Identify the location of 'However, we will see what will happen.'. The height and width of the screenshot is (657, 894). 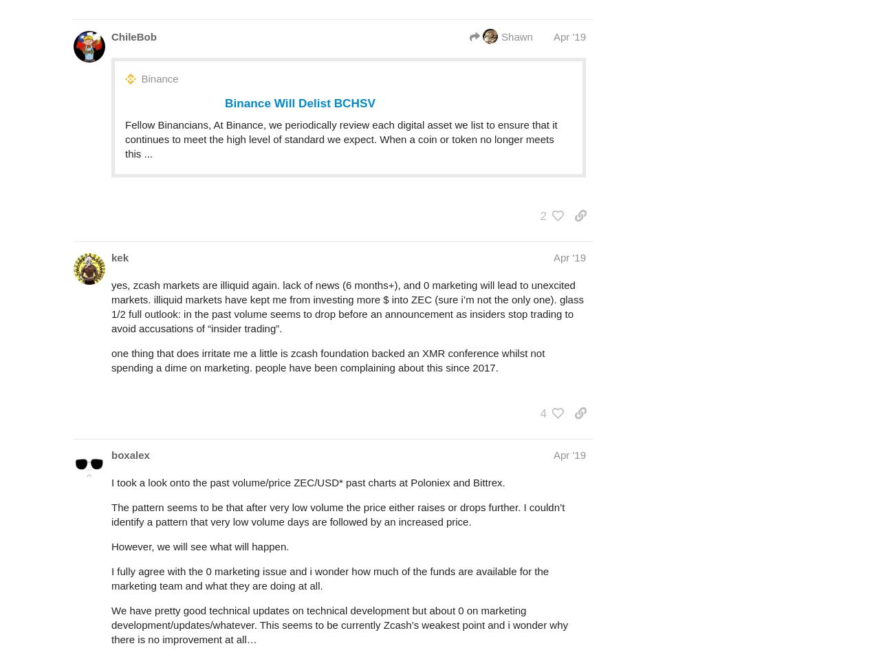
(199, 545).